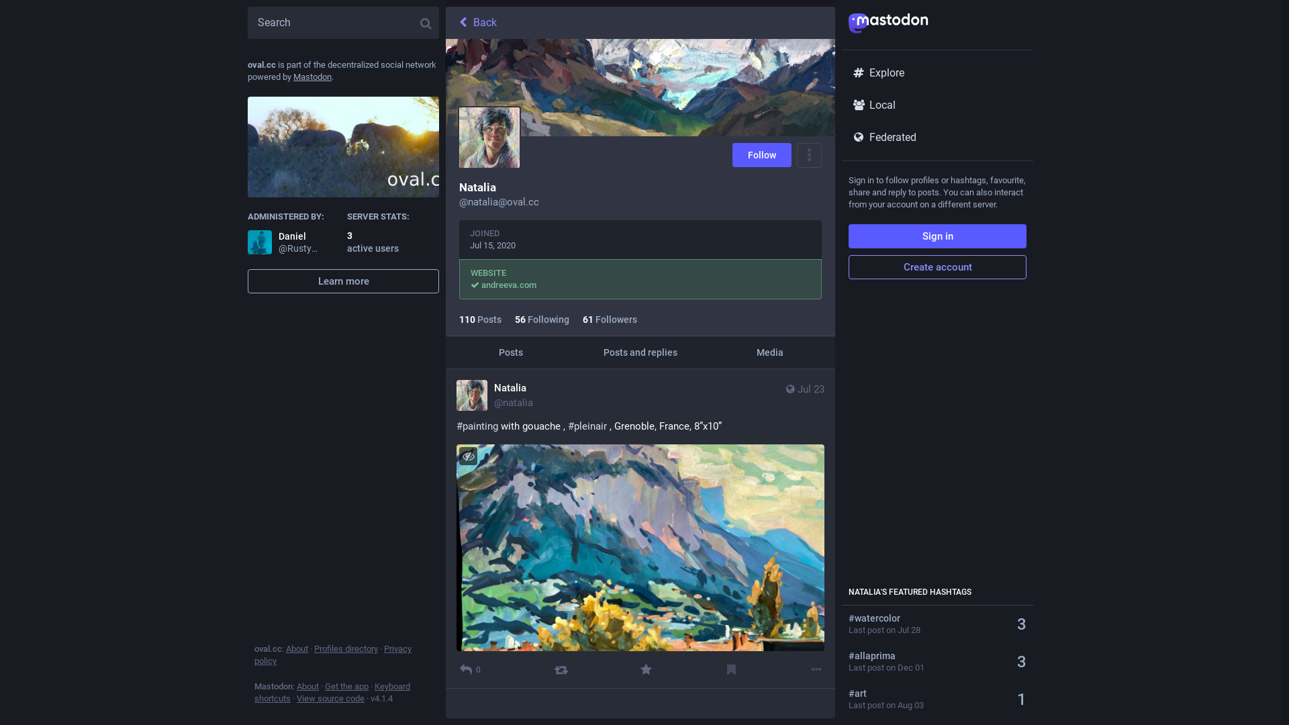  What do you see at coordinates (343, 281) in the screenshot?
I see `'Learn more'` at bounding box center [343, 281].